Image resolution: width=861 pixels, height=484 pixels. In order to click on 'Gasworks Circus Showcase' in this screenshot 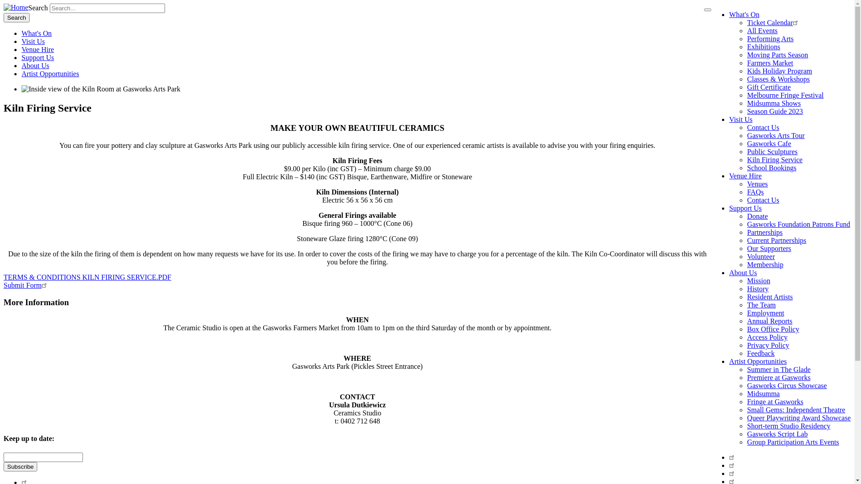, I will do `click(787, 385)`.